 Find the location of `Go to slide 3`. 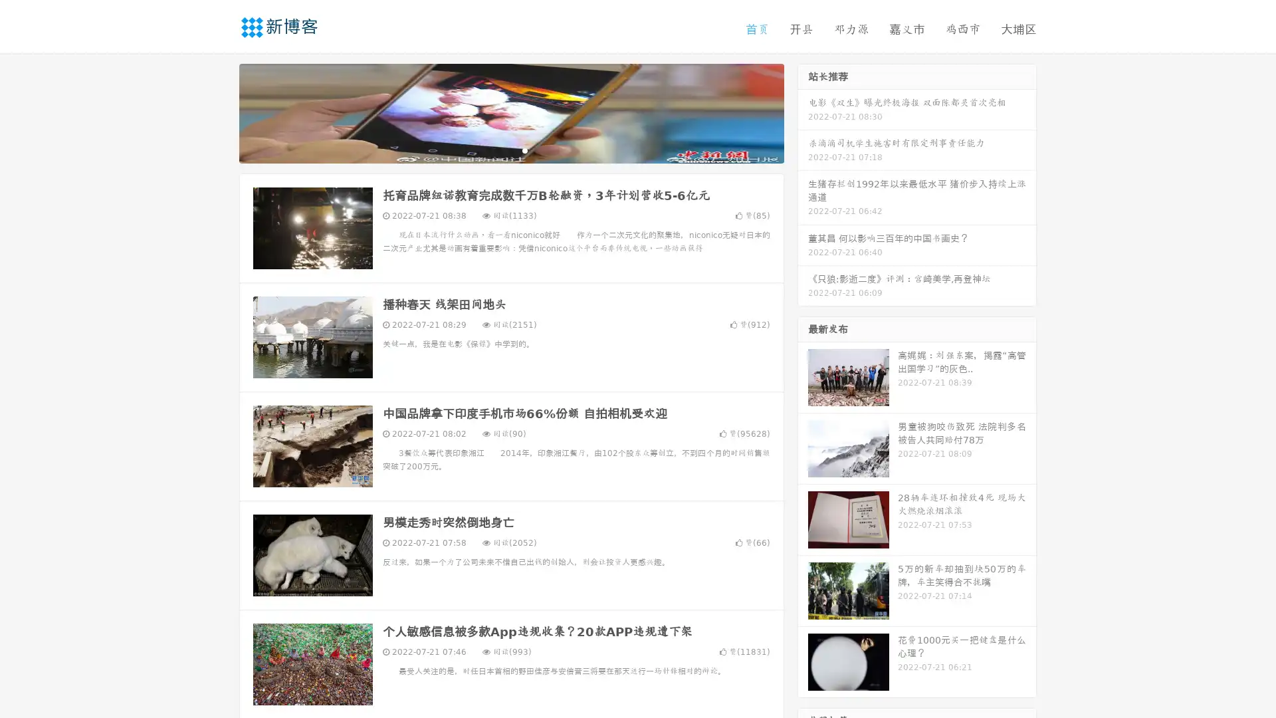

Go to slide 3 is located at coordinates (524, 150).